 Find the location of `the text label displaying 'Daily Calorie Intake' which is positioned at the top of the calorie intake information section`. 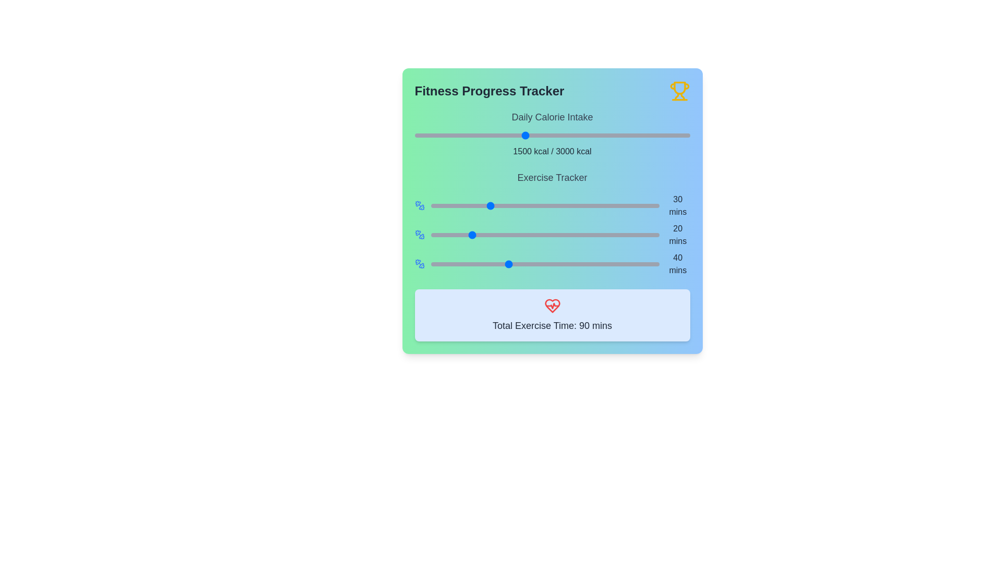

the text label displaying 'Daily Calorie Intake' which is positioned at the top of the calorie intake information section is located at coordinates (552, 117).